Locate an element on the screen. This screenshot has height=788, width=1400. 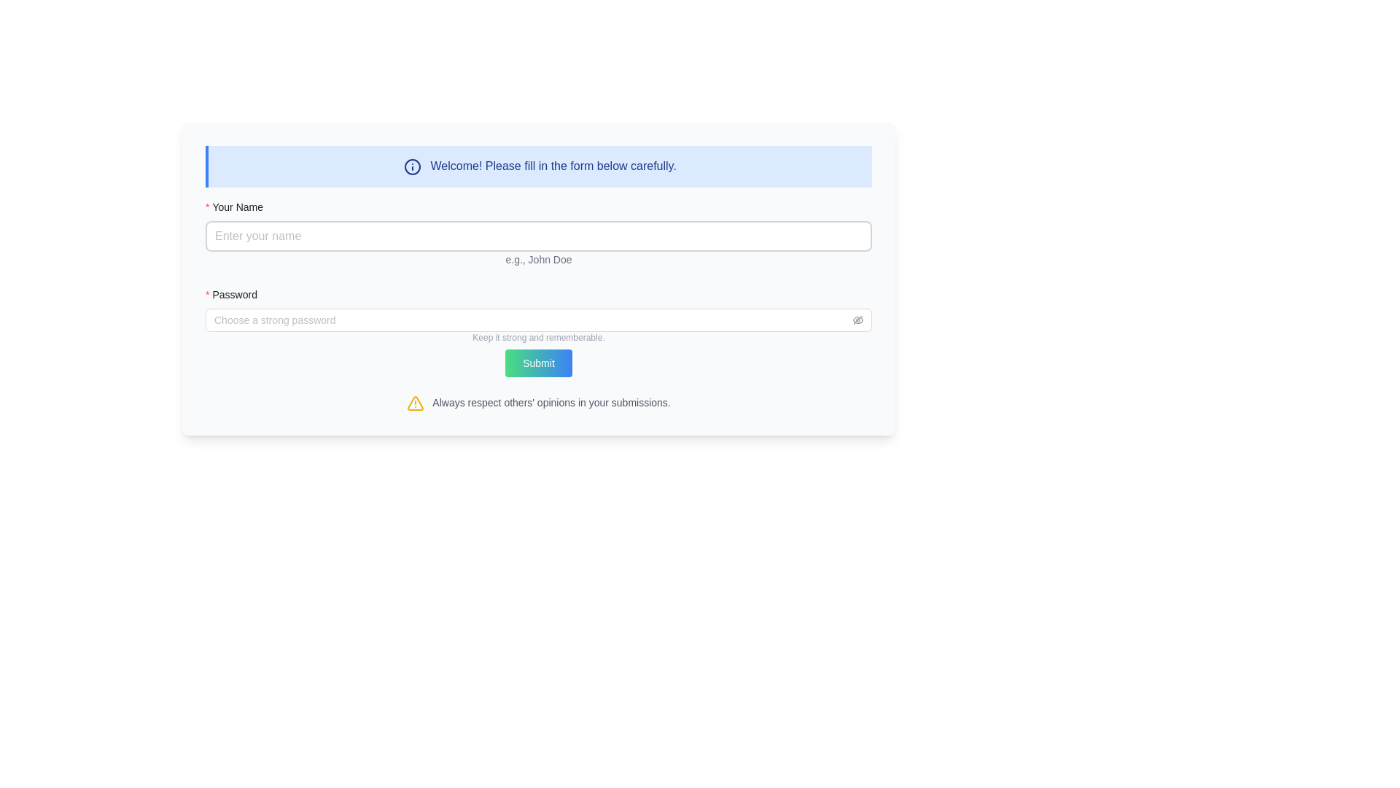
the instructional placeholder text 'e.g., John Doe', which is styled in grey and located below the 'Your Name' input field is located at coordinates (538, 258).